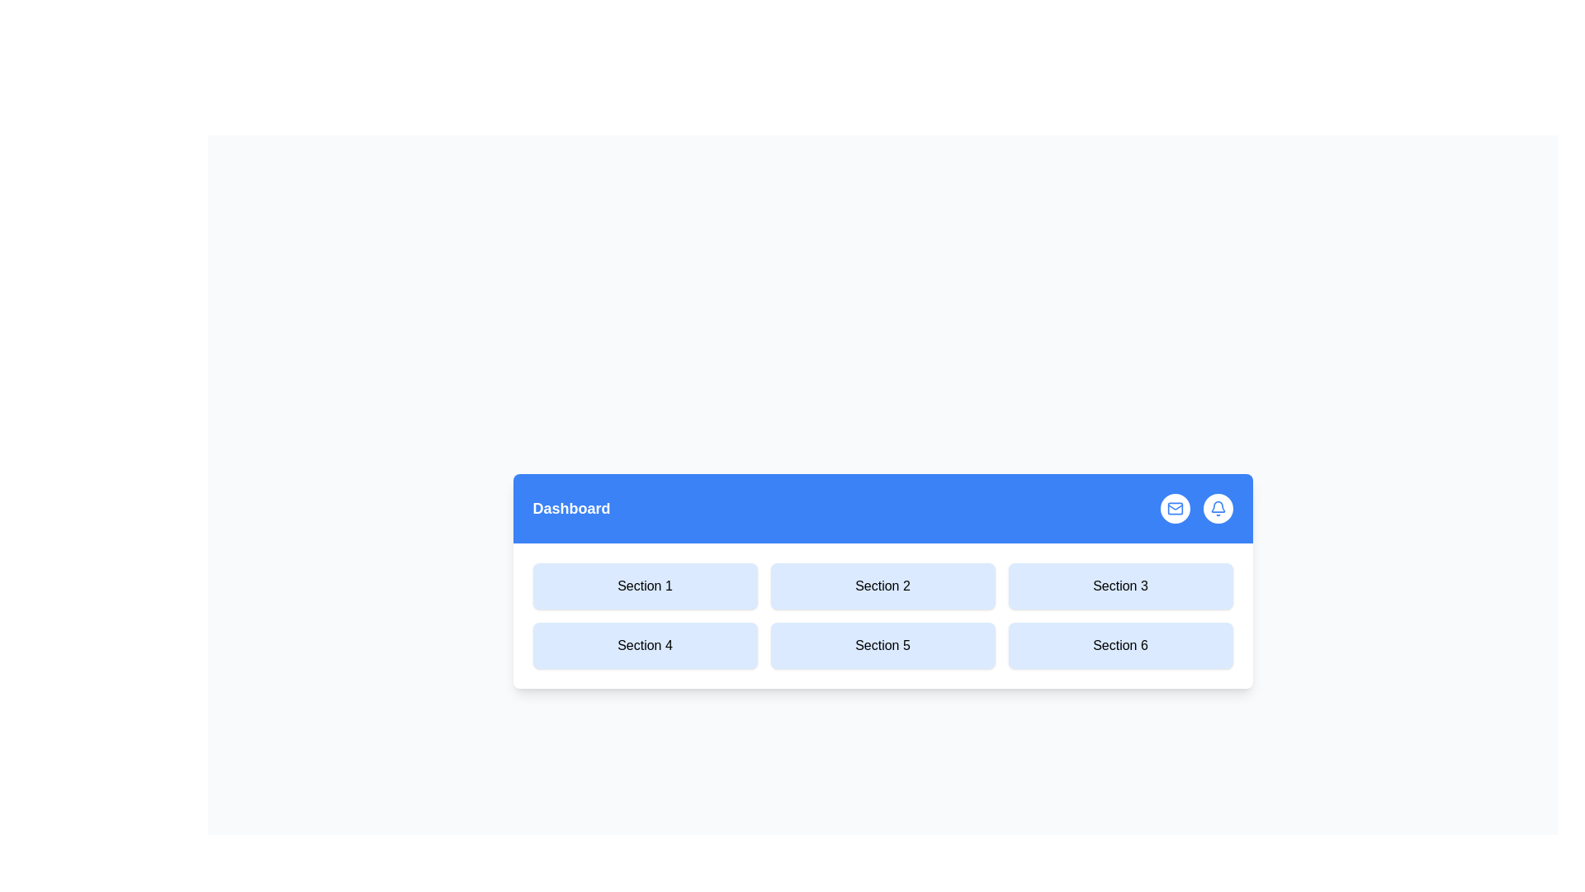 The height and width of the screenshot is (892, 1585). I want to click on the 'Section 2' button-like interactive label, which has a light blue background and is positioned in the second column of the first row within a grid layout, so click(882, 585).